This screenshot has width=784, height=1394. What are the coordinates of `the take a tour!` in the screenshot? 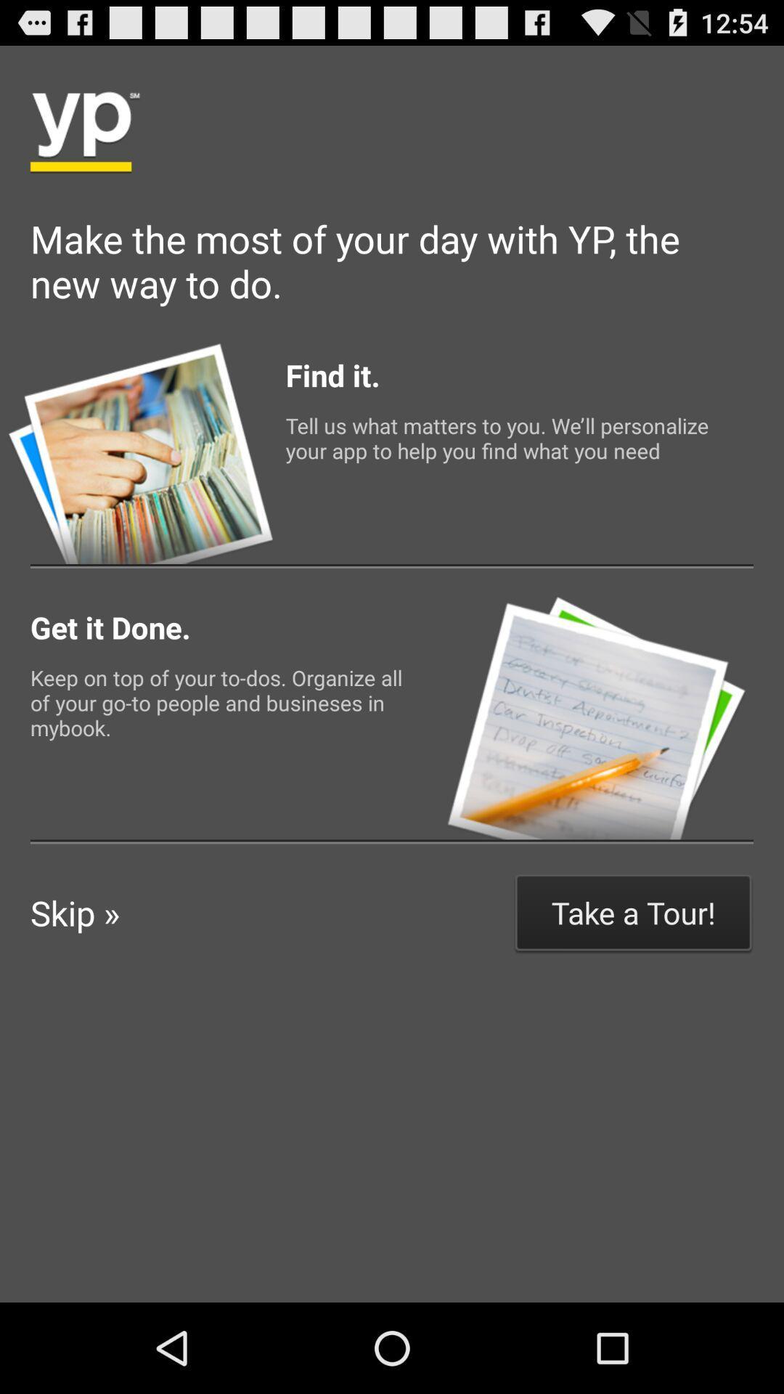 It's located at (632, 912).